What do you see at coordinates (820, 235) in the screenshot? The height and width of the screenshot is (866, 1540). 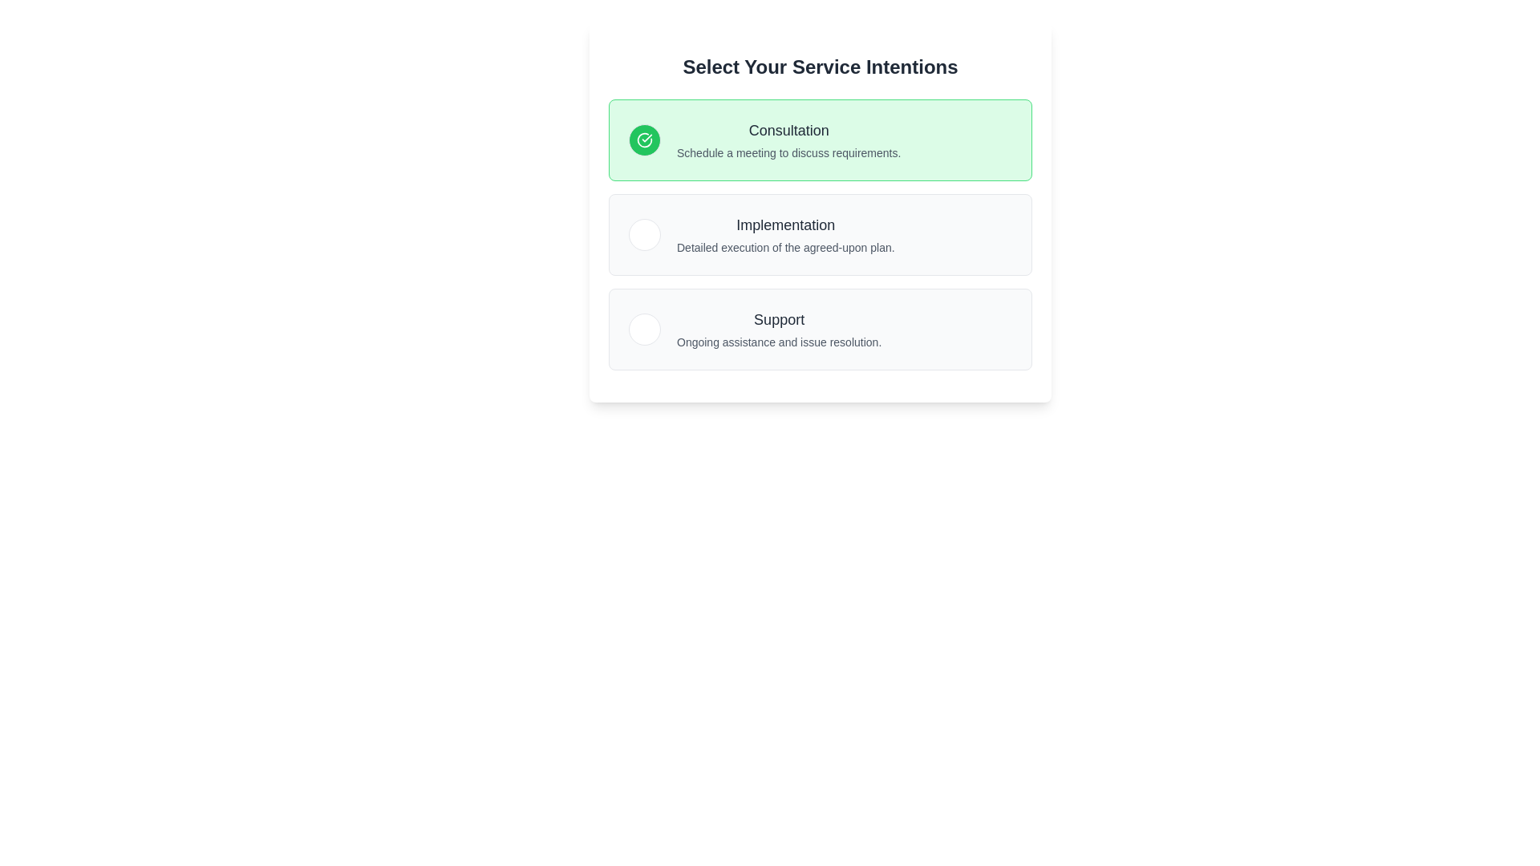 I see `the selectable option labeled 'Implementation'` at bounding box center [820, 235].